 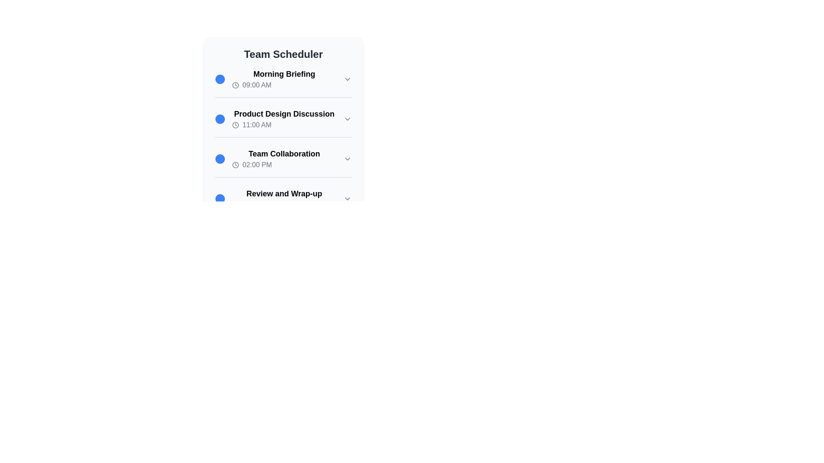 I want to click on the 'Morning Briefing' schedule entry, so click(x=283, y=79).